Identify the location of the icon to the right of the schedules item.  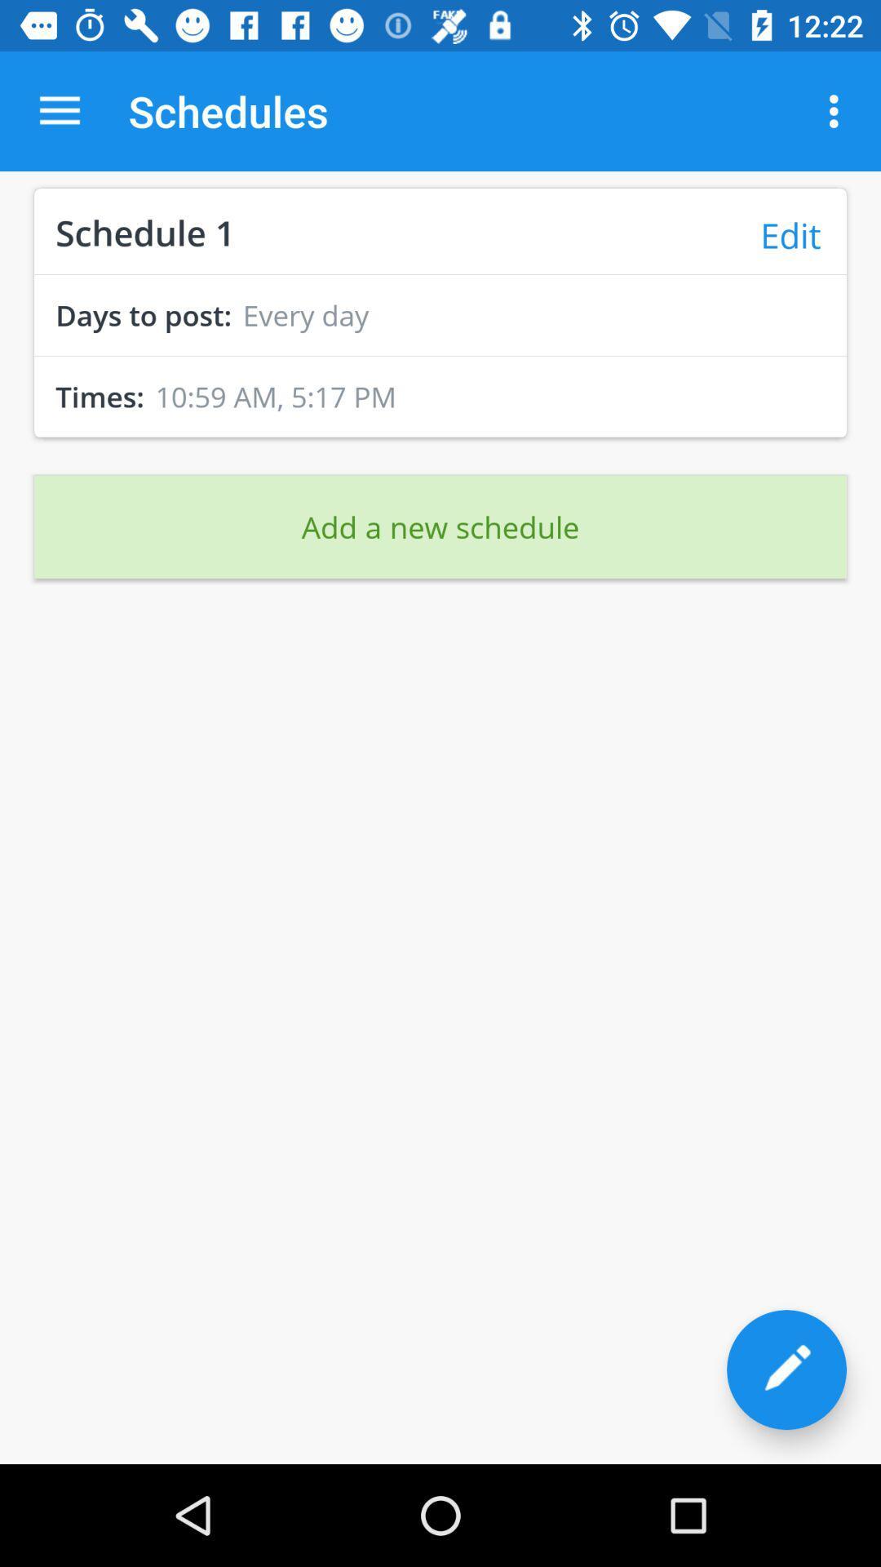
(838, 110).